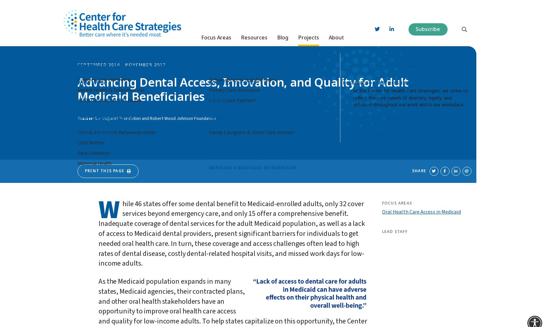 The height and width of the screenshot is (327, 549). Describe the element at coordinates (336, 32) in the screenshot. I see `'About'` at that location.